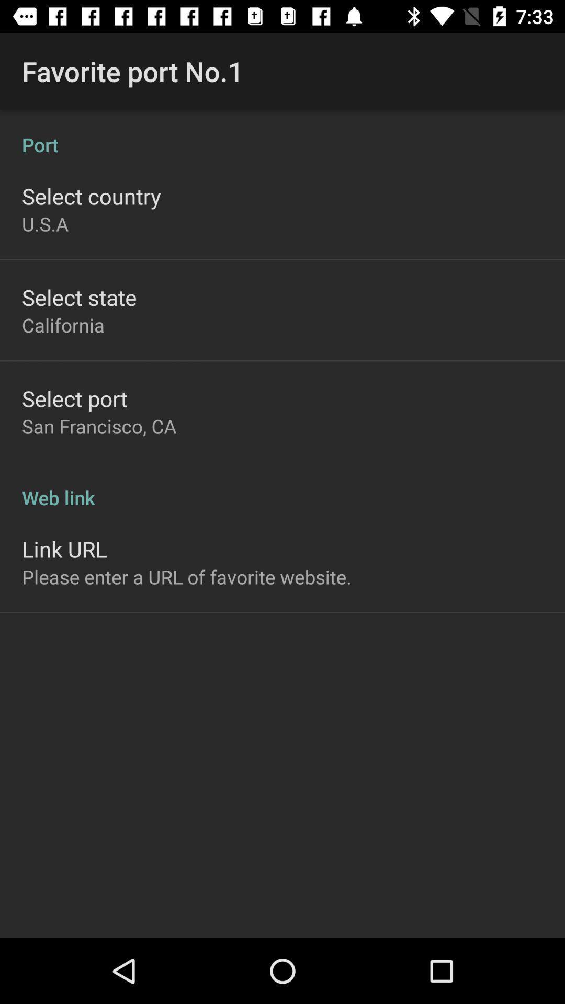 The image size is (565, 1004). I want to click on the item above california item, so click(78, 296).